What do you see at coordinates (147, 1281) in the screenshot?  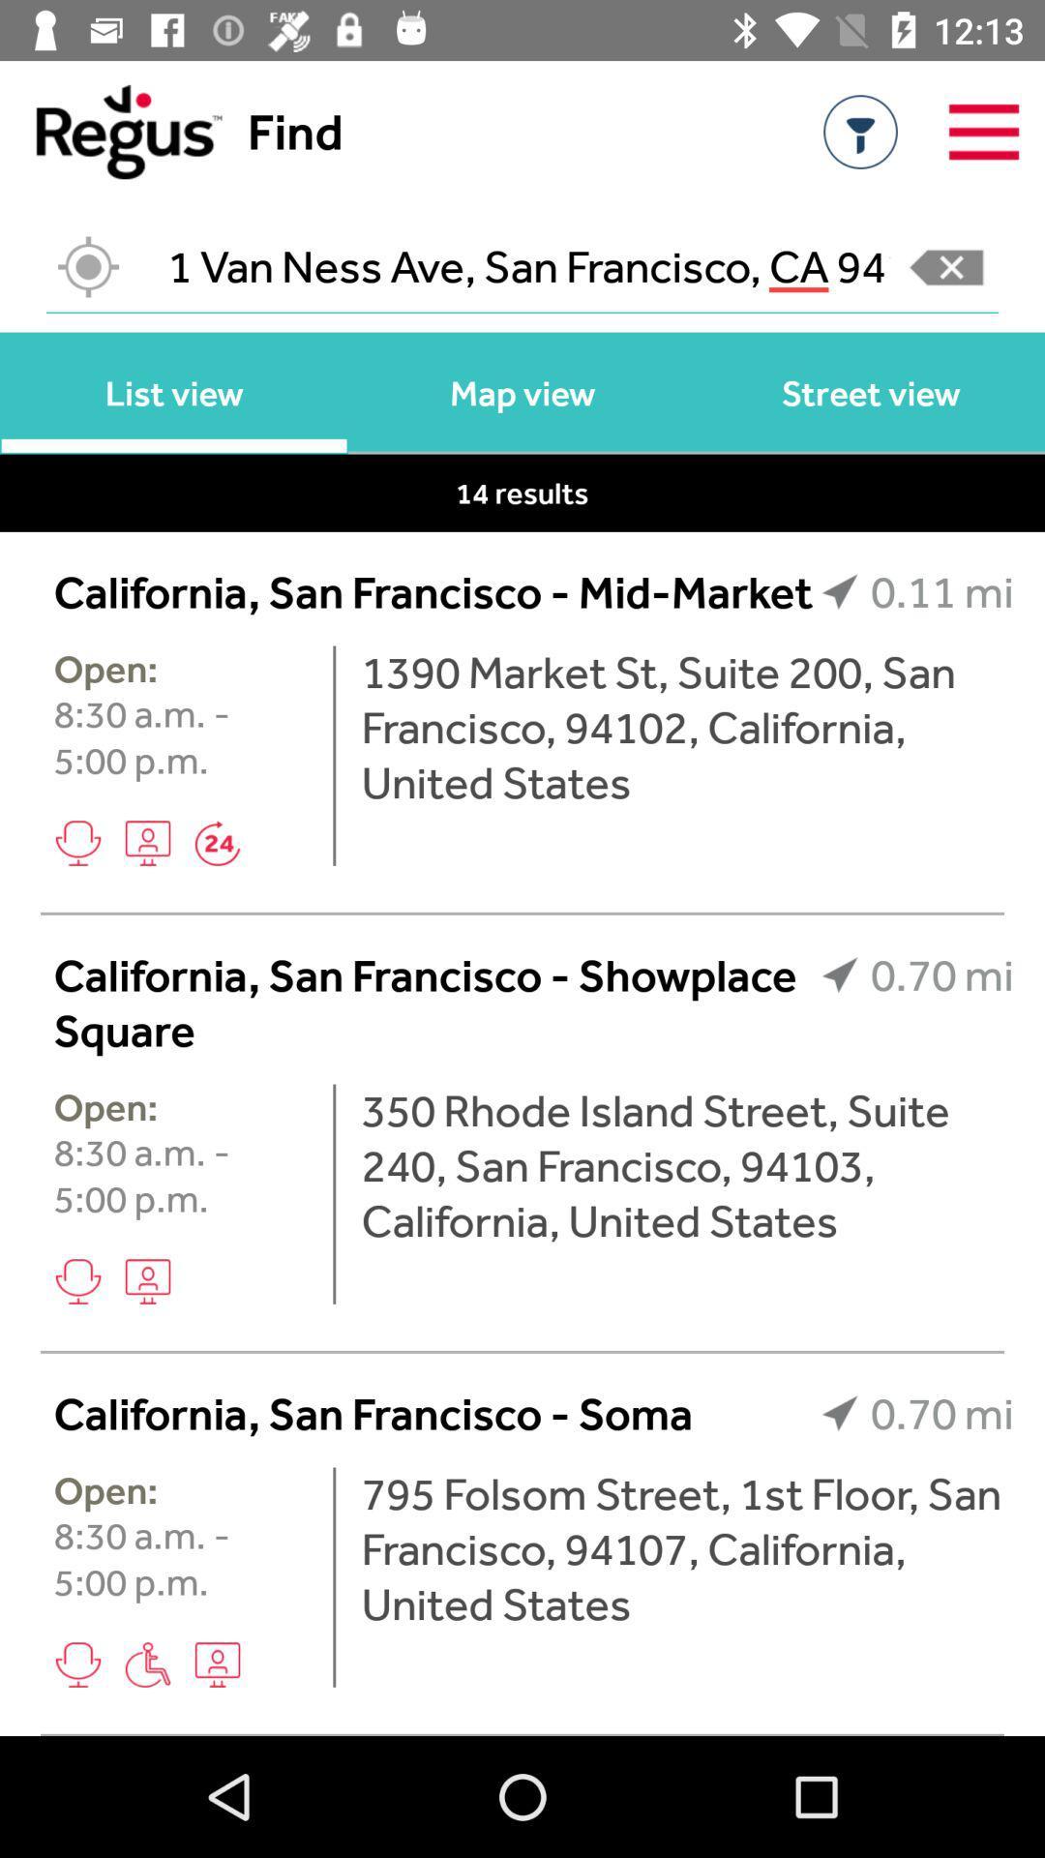 I see `the item below the 8 30 a item` at bounding box center [147, 1281].